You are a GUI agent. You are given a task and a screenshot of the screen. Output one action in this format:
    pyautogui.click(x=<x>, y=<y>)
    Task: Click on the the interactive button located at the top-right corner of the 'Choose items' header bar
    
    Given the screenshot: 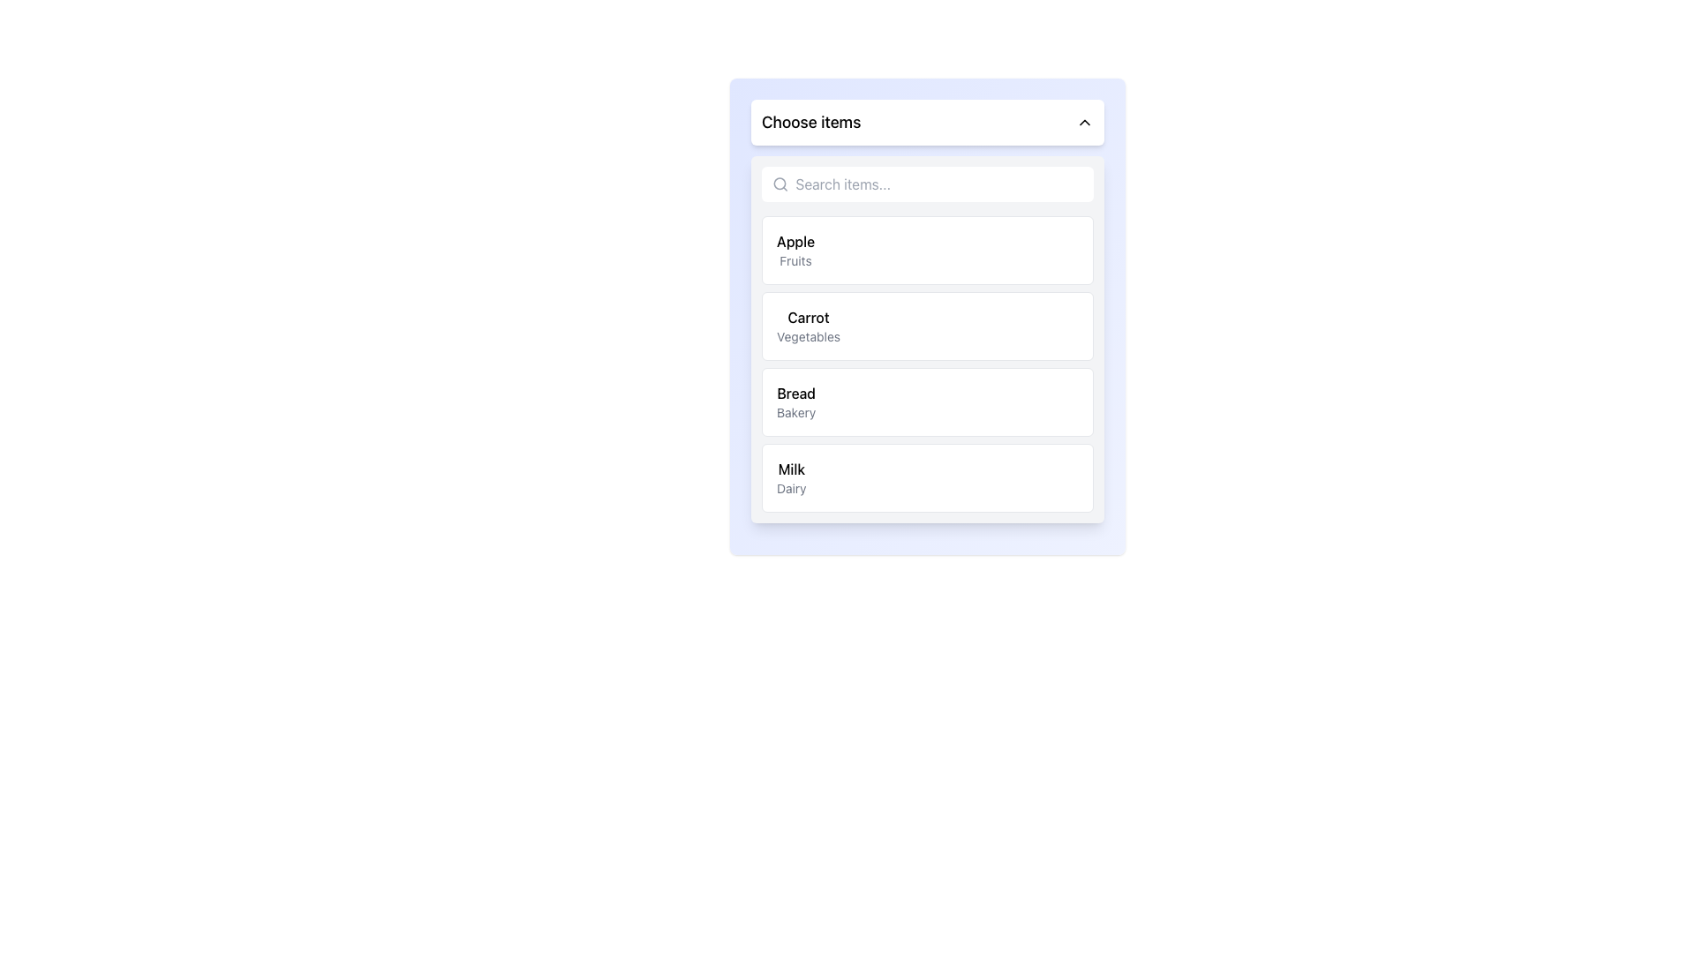 What is the action you would take?
    pyautogui.click(x=1083, y=121)
    